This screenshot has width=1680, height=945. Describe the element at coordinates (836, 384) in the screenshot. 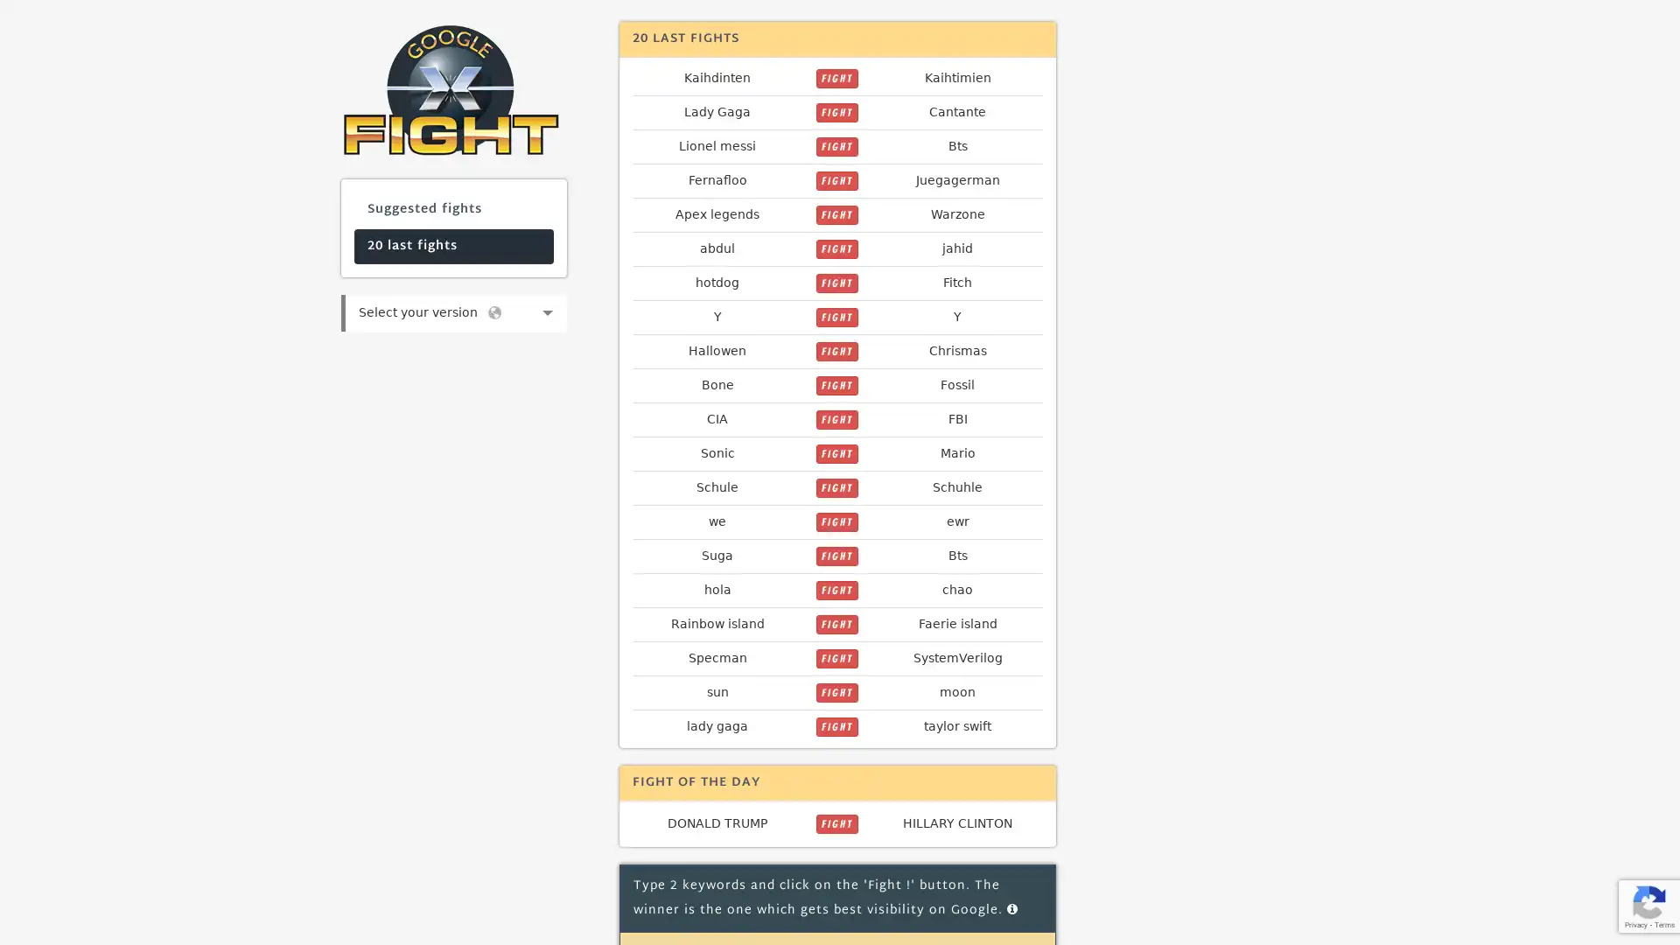

I see `FIGHT` at that location.